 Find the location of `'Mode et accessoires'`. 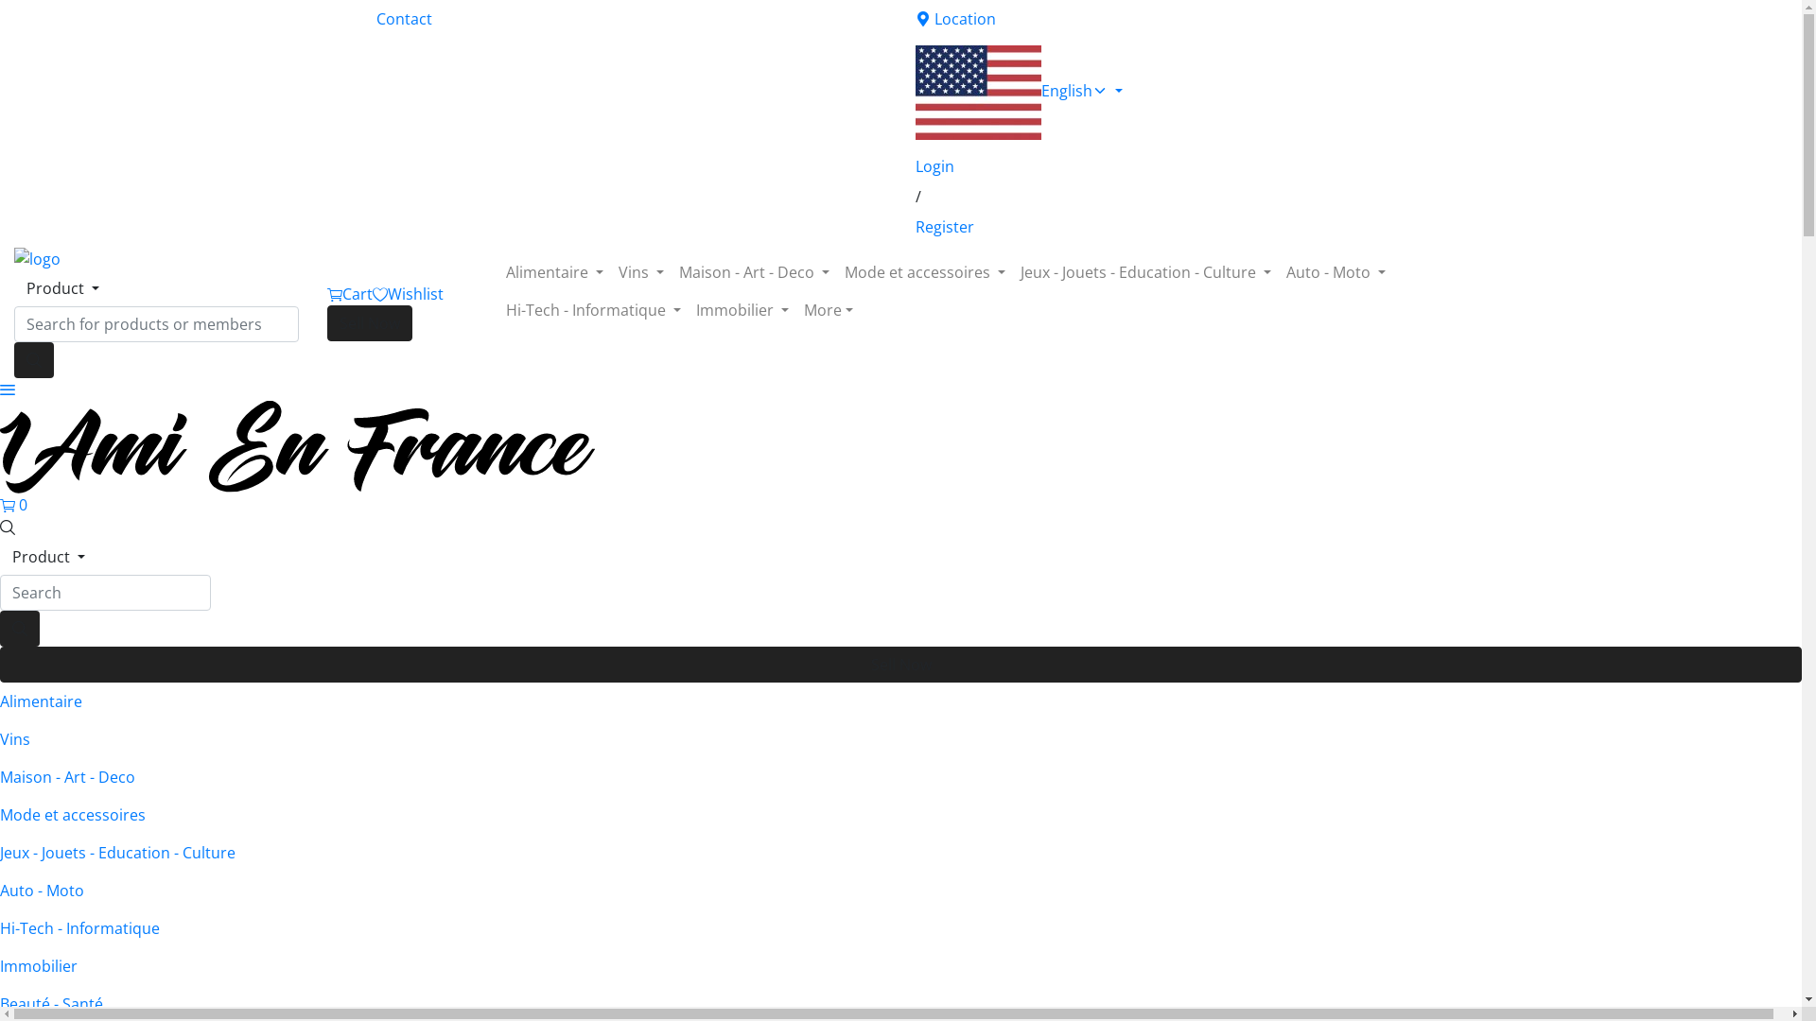

'Mode et accessoires' is located at coordinates (0, 813).